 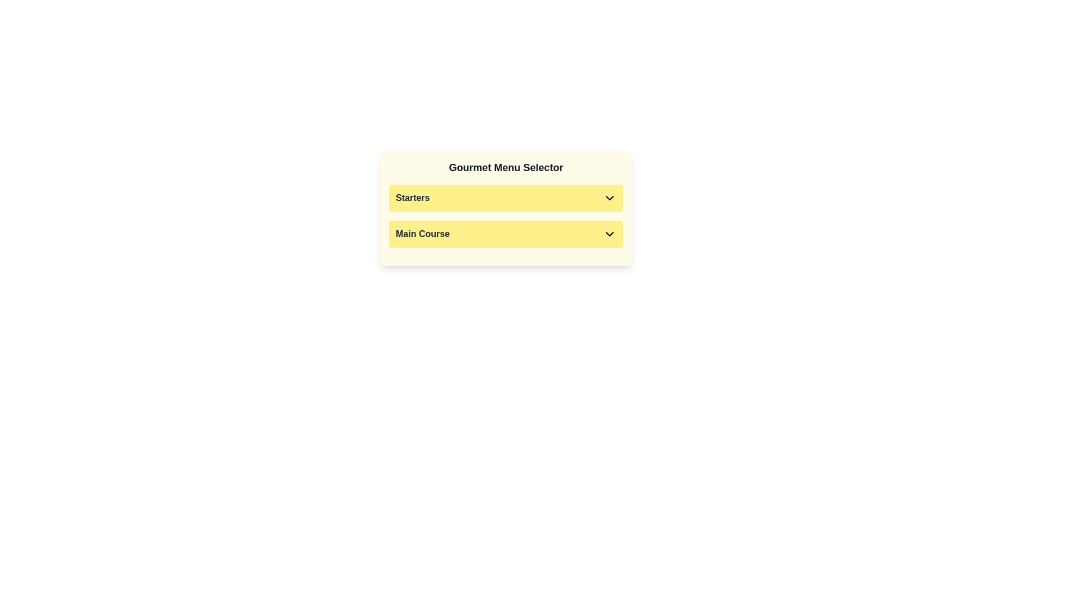 What do you see at coordinates (609, 197) in the screenshot?
I see `the chevron-down icon located at the far right side of the light yellow dropdown field labeled 'Starters' in the 'Gourmet Menu Selector' interface for an alternate interaction` at bounding box center [609, 197].